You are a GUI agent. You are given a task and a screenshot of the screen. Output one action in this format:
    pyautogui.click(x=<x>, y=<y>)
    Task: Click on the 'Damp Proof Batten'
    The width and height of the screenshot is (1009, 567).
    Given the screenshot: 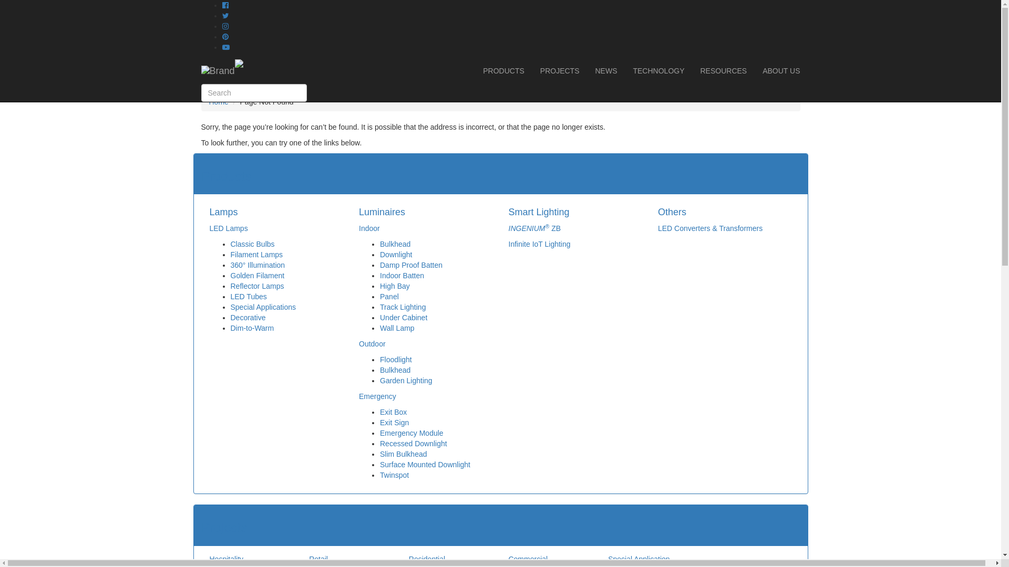 What is the action you would take?
    pyautogui.click(x=410, y=265)
    